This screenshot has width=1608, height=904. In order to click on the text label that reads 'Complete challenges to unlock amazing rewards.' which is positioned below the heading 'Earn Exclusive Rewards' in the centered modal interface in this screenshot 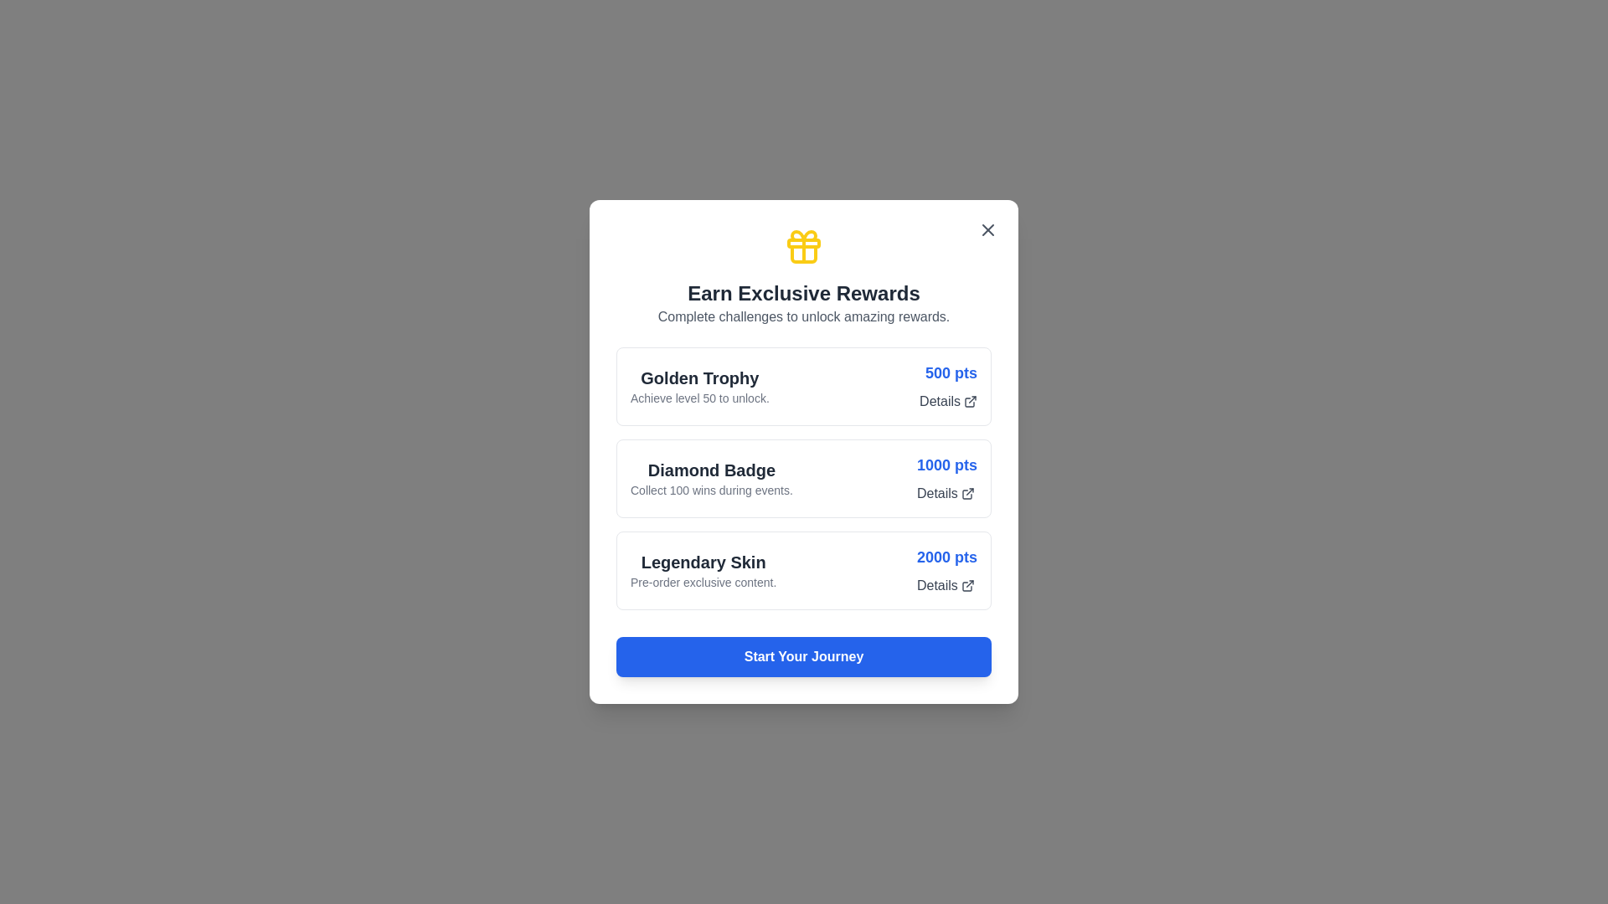, I will do `click(804, 316)`.